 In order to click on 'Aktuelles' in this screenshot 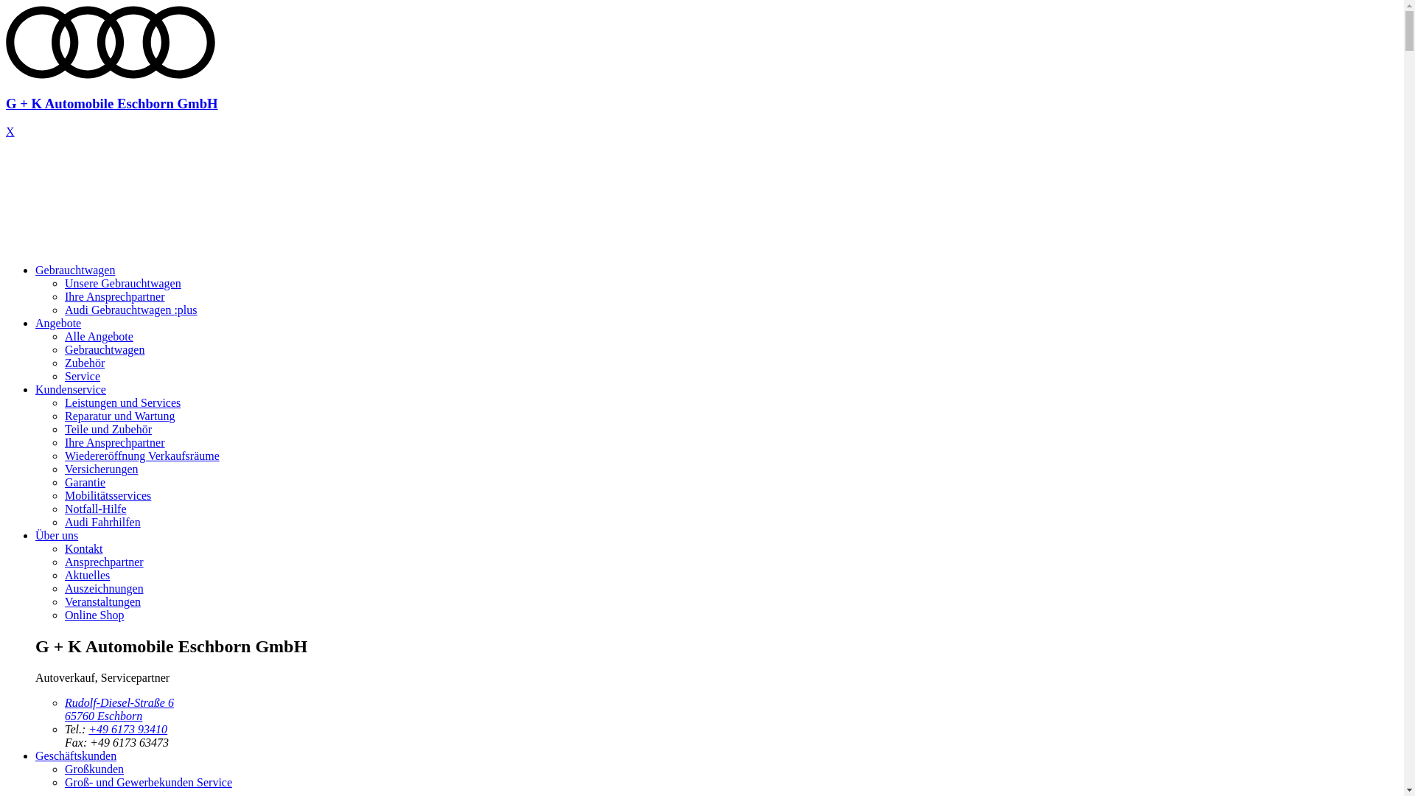, I will do `click(86, 574)`.